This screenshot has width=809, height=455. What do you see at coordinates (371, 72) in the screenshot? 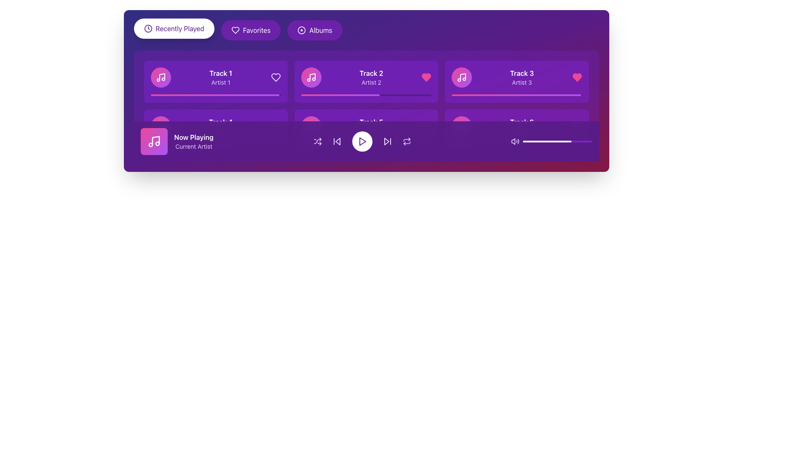
I see `the Text Label displaying 'Track 2', which features a bold white font on a purple background, positioned at the top-center of the music track card` at bounding box center [371, 72].